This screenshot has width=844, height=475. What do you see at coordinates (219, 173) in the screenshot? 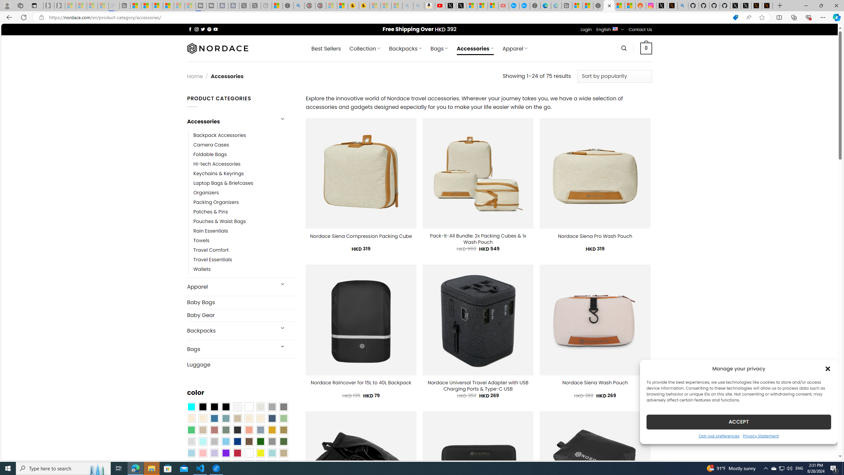
I see `'Keychains & Keyrings'` at bounding box center [219, 173].